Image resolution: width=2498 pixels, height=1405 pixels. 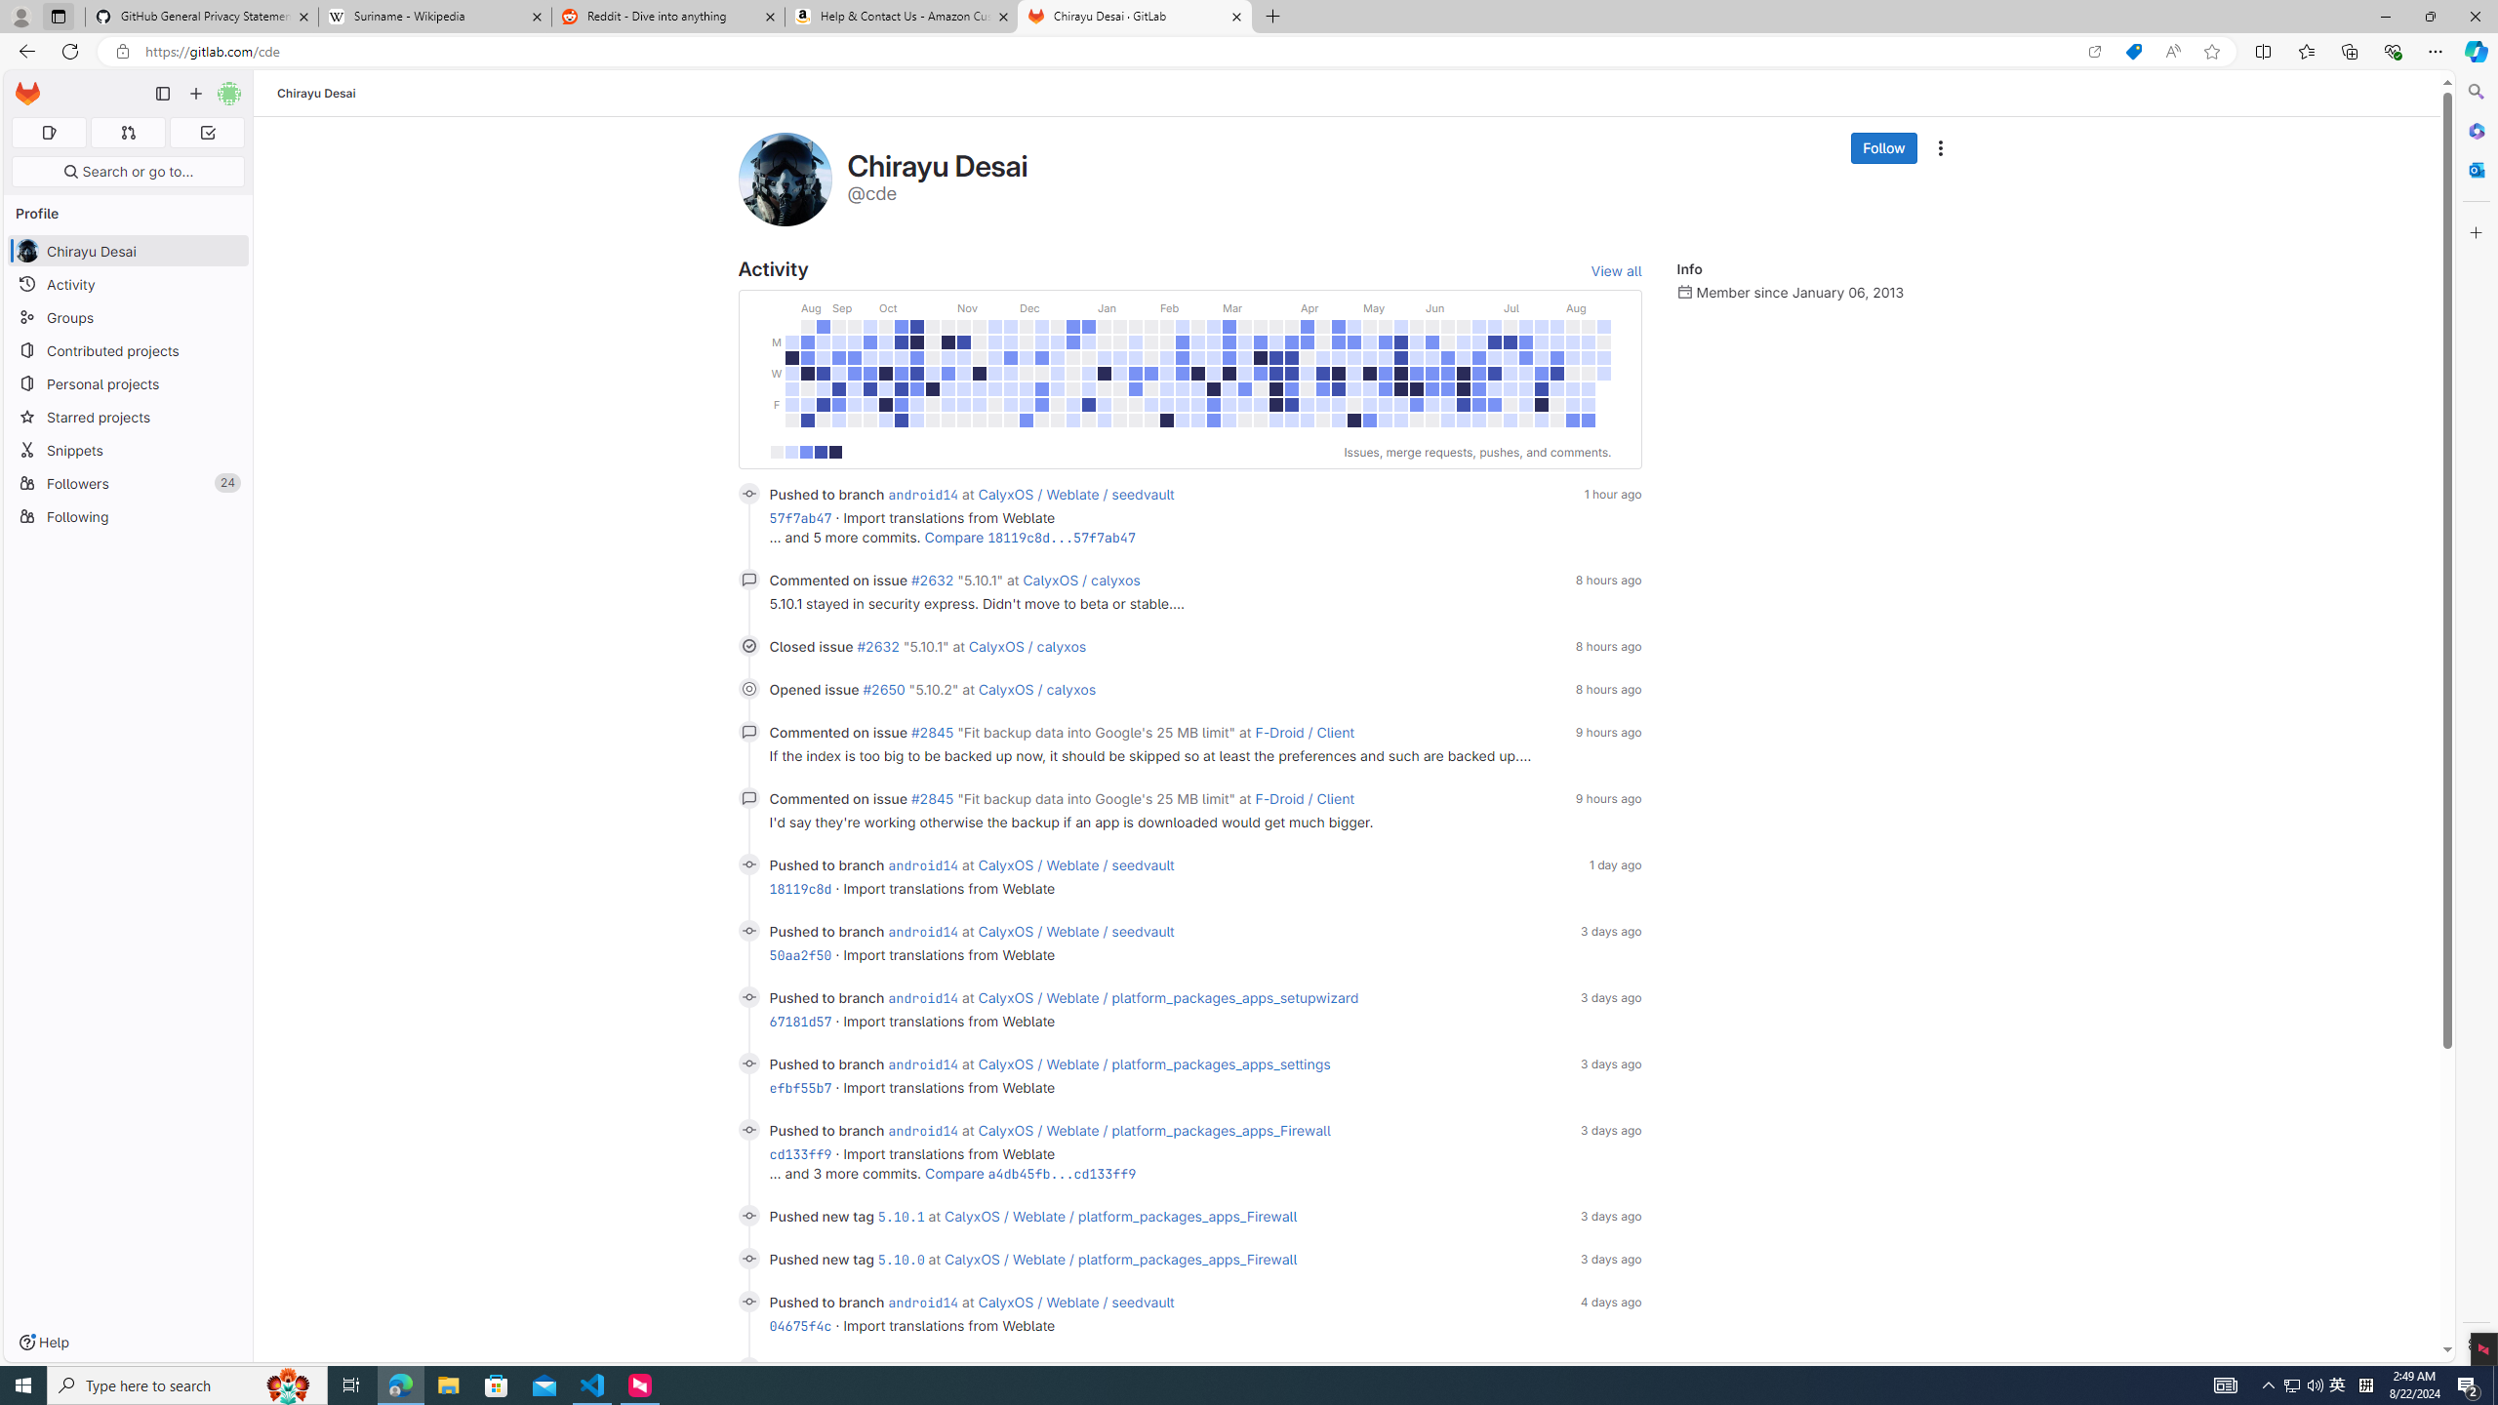 What do you see at coordinates (799, 1087) in the screenshot?
I see `'efbf55b7'` at bounding box center [799, 1087].